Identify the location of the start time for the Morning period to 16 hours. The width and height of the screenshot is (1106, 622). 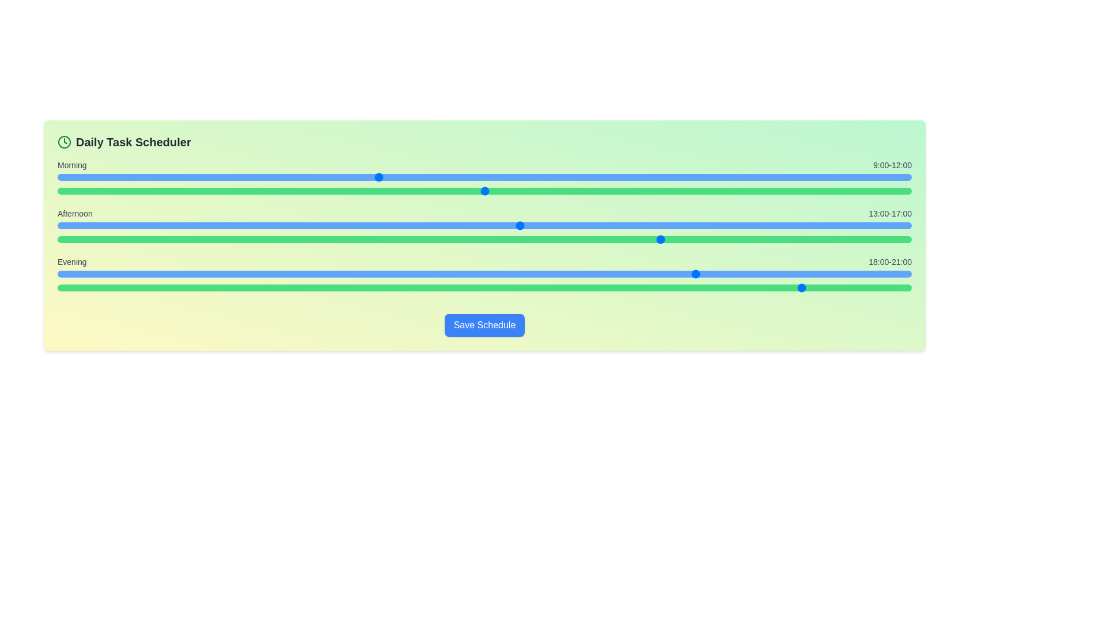
(626, 177).